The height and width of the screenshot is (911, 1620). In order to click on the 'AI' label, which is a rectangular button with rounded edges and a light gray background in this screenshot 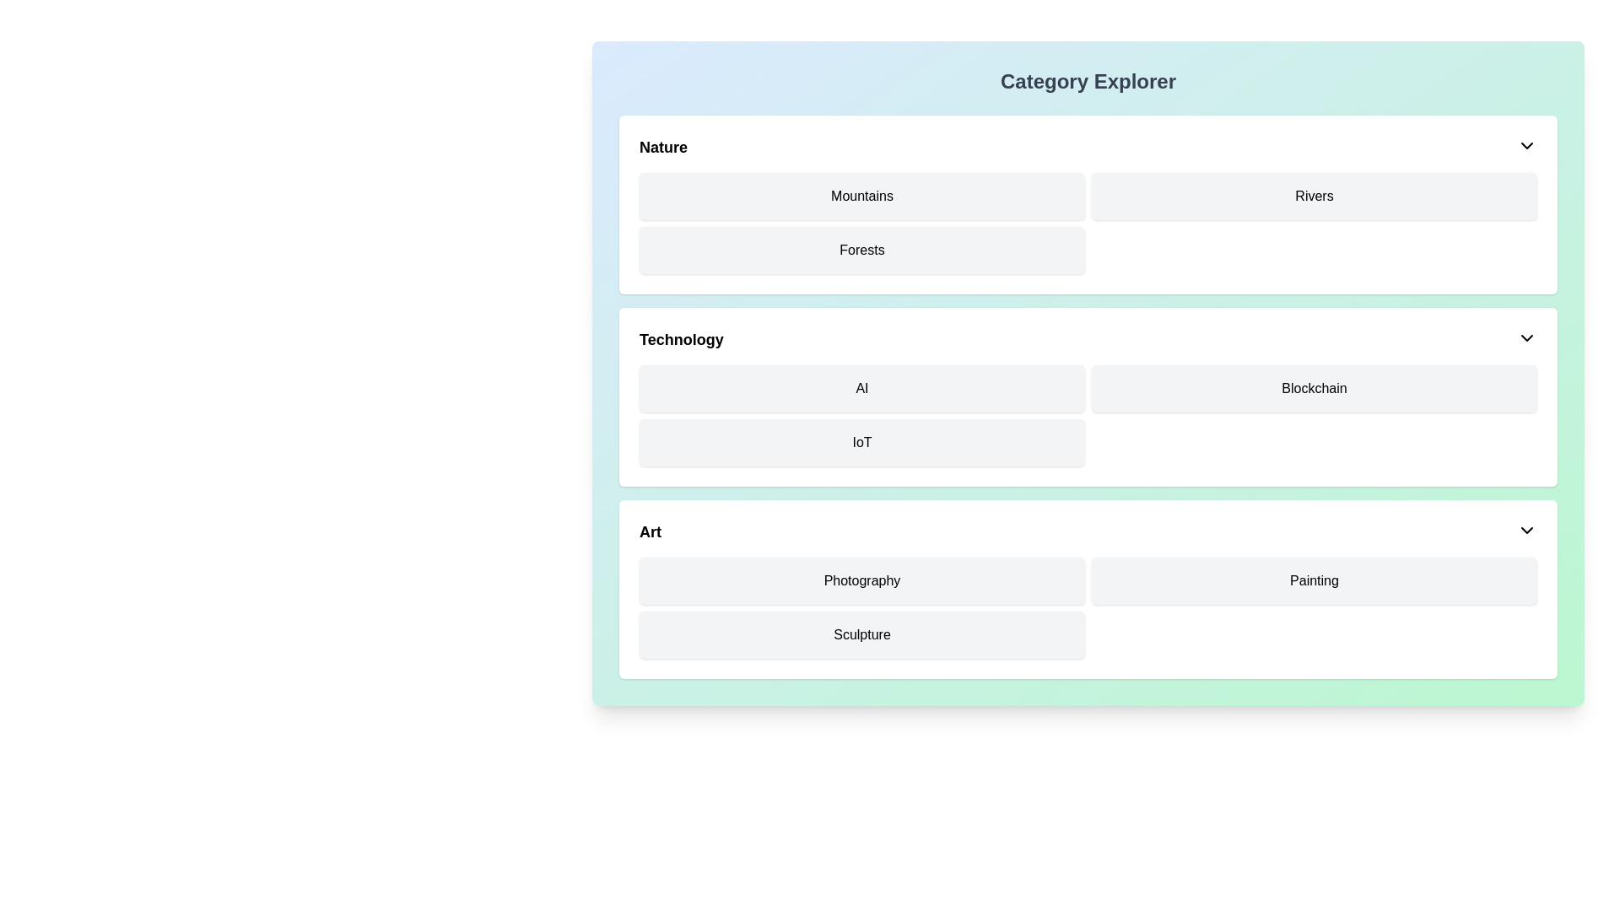, I will do `click(862, 389)`.